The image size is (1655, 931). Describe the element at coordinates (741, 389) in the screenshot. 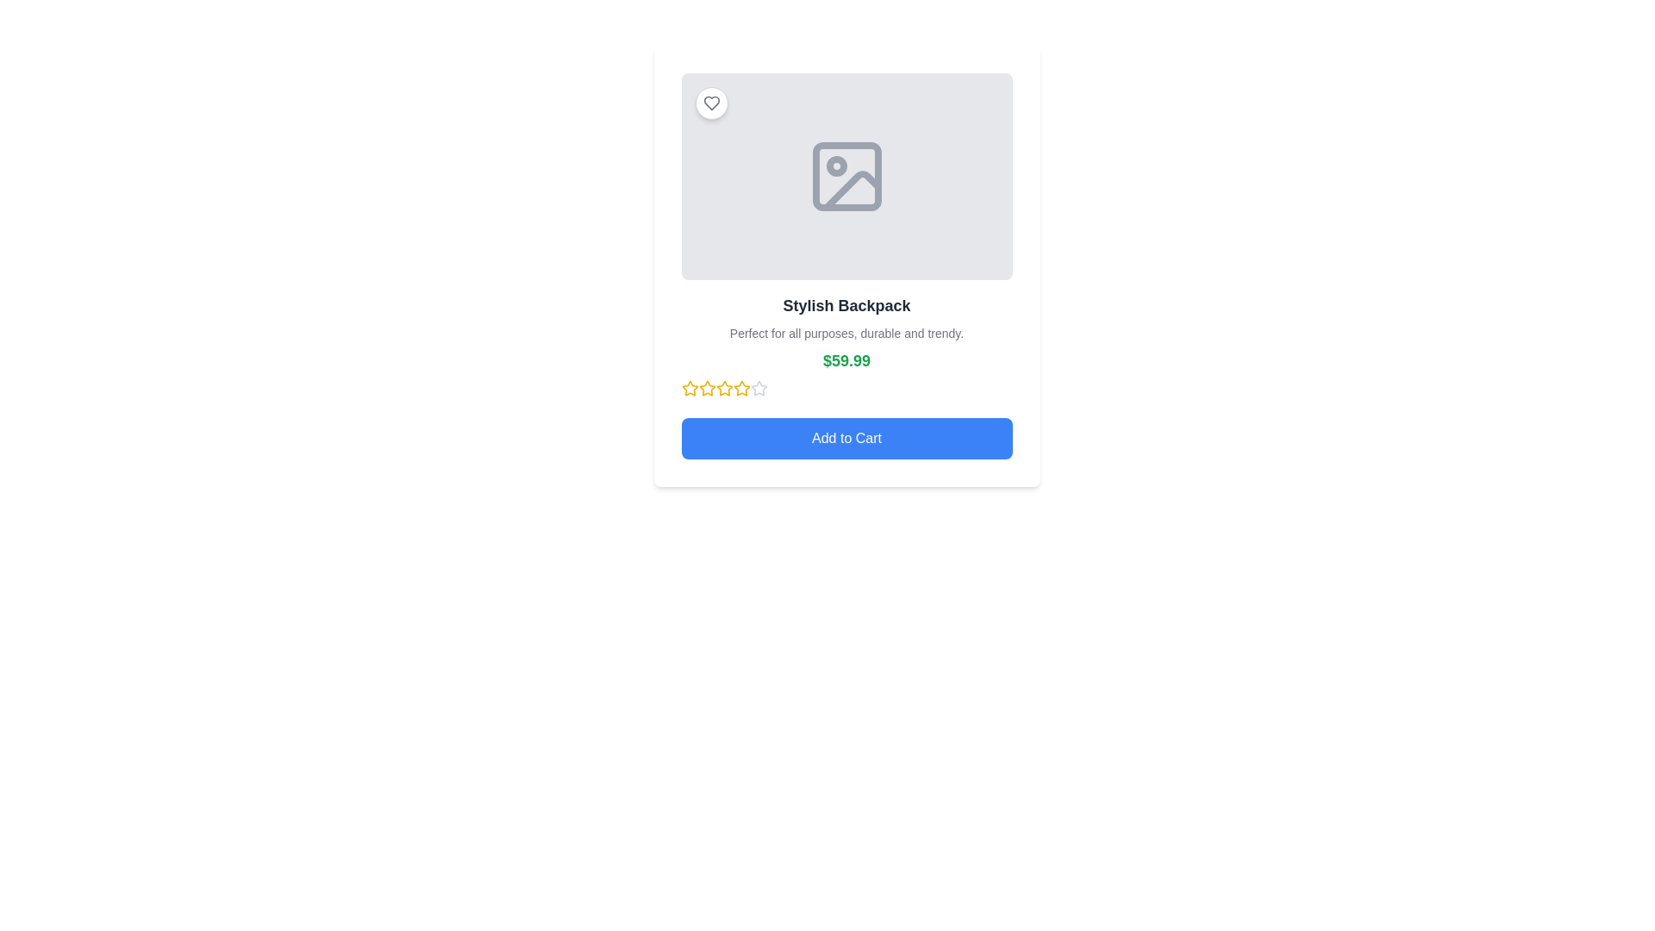

I see `the fourth star in the horizontal row of rating stars below the product name 'Stylish Backpack' and price '$59.99'` at that location.